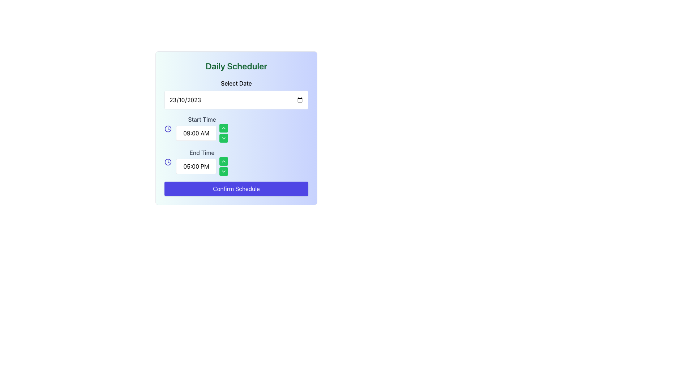 Image resolution: width=694 pixels, height=390 pixels. I want to click on the finalizing action button located at the bottom of the 'Daily Scheduler' widget to confirm the schedule, so click(236, 188).